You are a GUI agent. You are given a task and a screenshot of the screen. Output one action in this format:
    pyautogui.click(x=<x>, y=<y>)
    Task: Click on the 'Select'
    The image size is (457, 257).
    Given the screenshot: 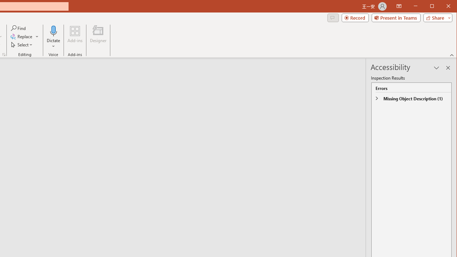 What is the action you would take?
    pyautogui.click(x=22, y=45)
    